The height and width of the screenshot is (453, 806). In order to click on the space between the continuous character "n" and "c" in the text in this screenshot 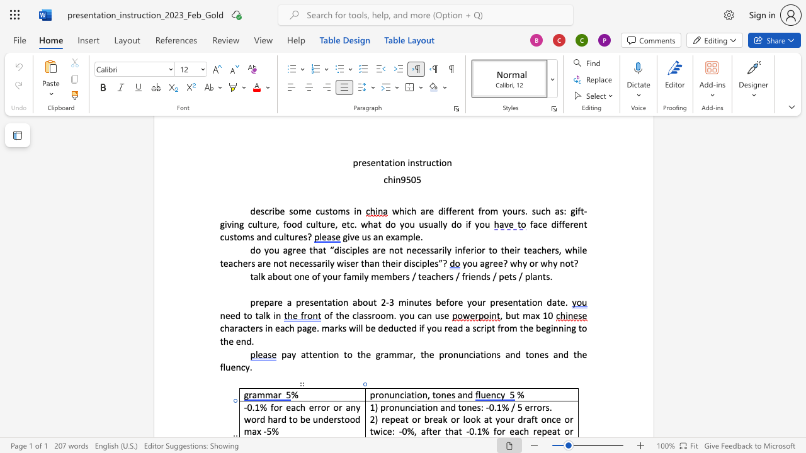, I will do `click(410, 407)`.